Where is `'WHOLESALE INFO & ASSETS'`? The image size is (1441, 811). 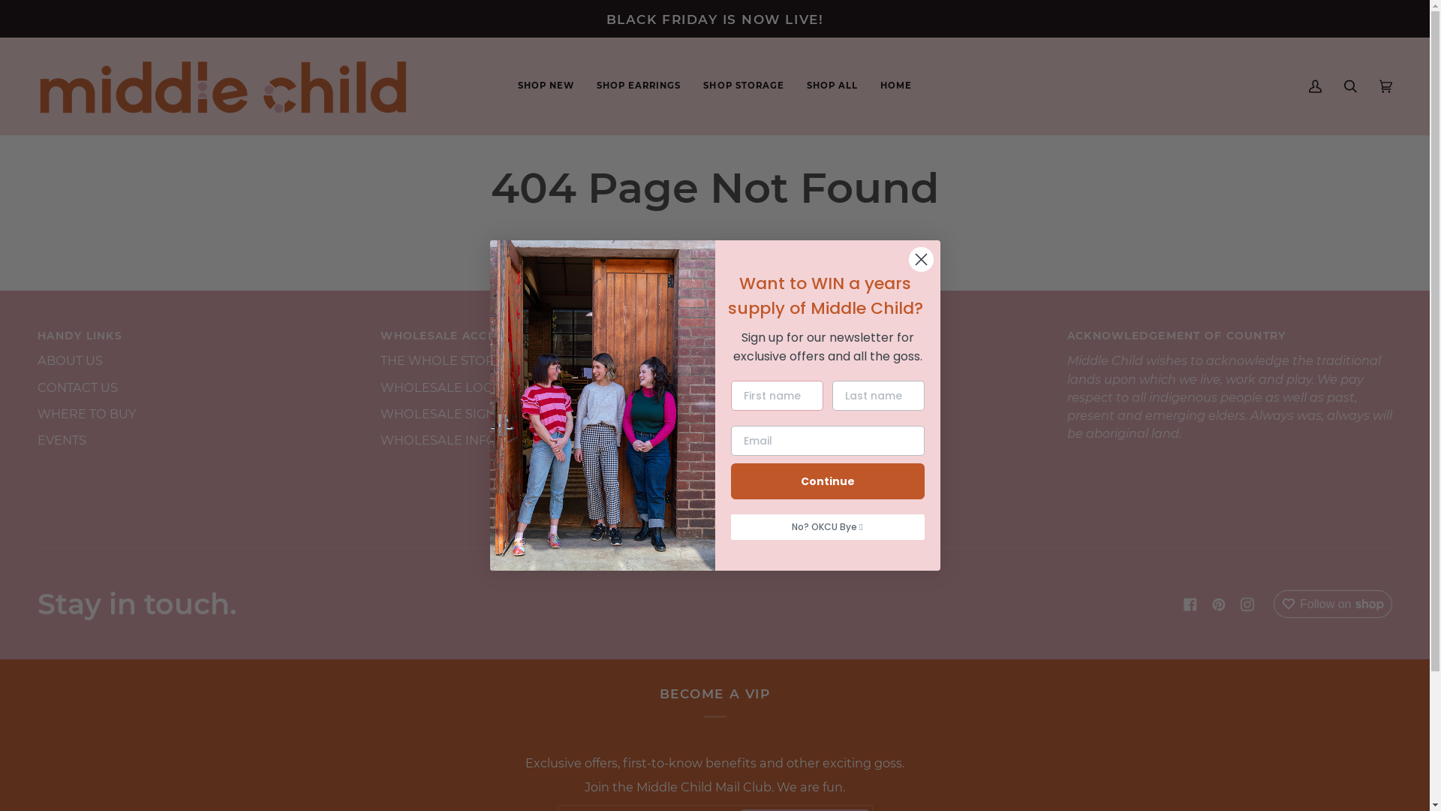
'WHOLESALE INFO & ASSETS' is located at coordinates (468, 439).